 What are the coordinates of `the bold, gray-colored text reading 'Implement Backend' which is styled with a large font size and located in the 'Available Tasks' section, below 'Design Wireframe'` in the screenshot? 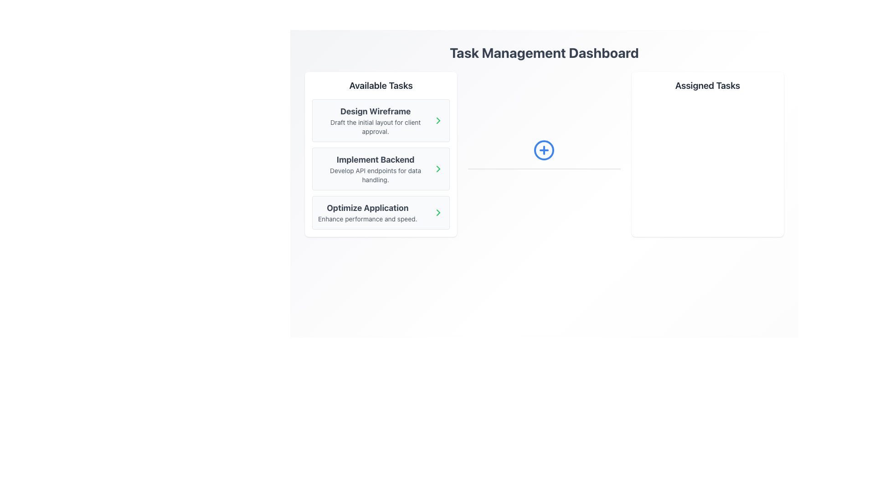 It's located at (376, 159).